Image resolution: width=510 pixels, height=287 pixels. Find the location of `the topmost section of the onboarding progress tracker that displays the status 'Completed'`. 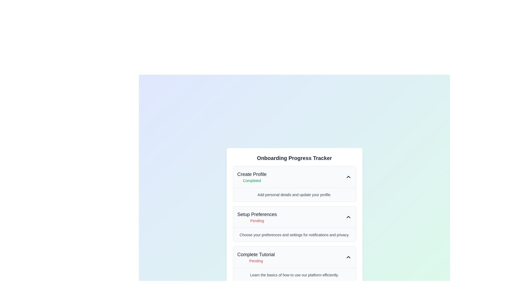

the topmost section of the onboarding progress tracker that displays the status 'Completed' is located at coordinates (294, 183).